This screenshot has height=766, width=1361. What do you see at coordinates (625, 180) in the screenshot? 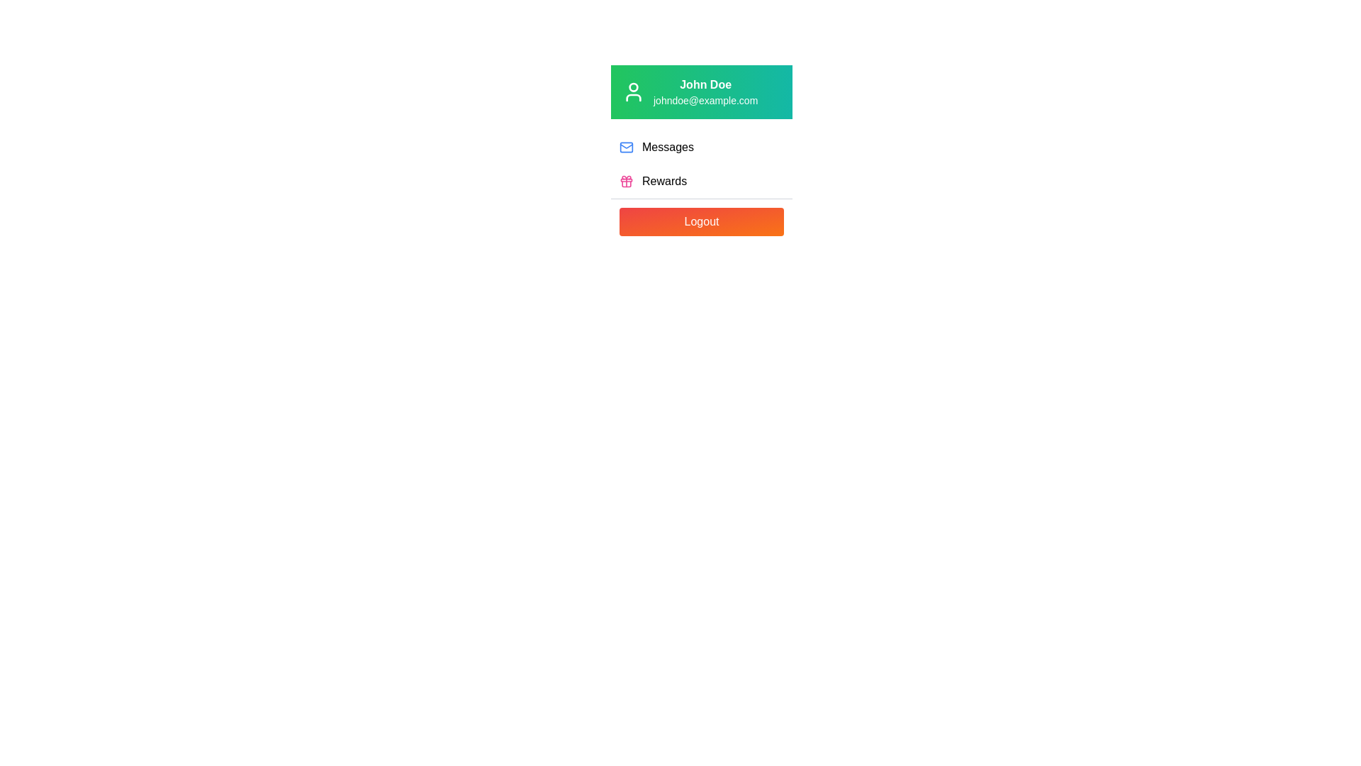
I see `the 'Rewards' icon in the vertical menu` at bounding box center [625, 180].